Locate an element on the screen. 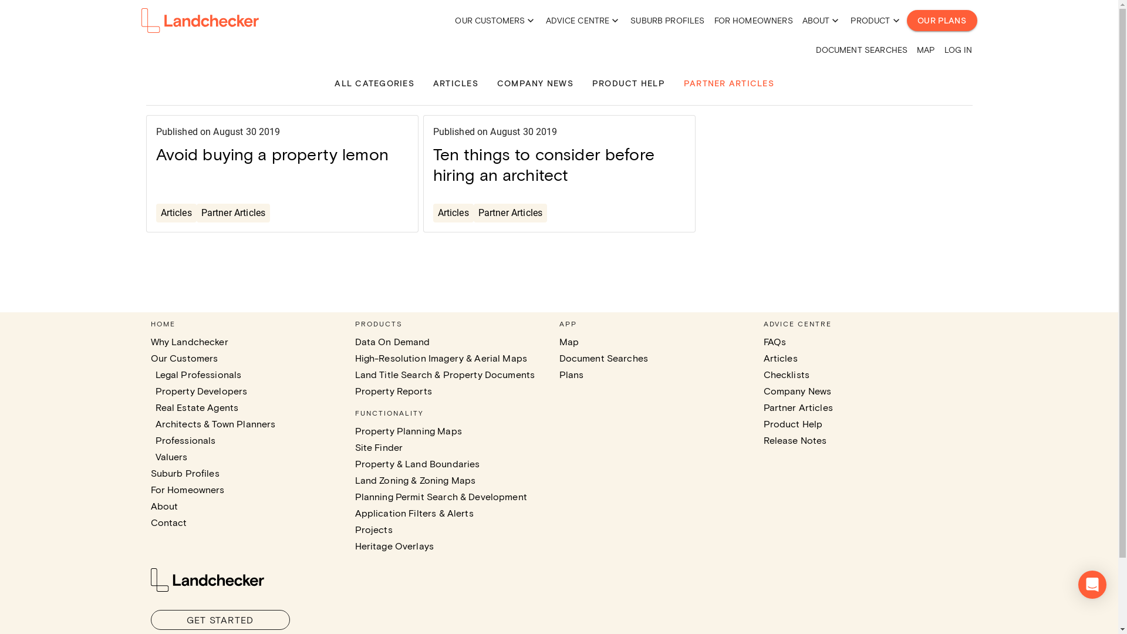  'Site Finder' is located at coordinates (378, 447).